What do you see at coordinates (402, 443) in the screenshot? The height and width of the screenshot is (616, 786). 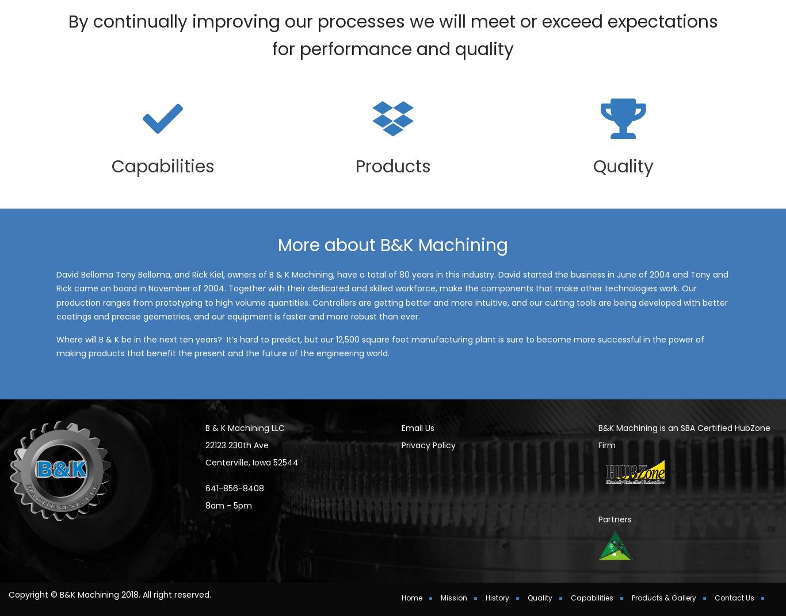 I see `'Email Us'` at bounding box center [402, 443].